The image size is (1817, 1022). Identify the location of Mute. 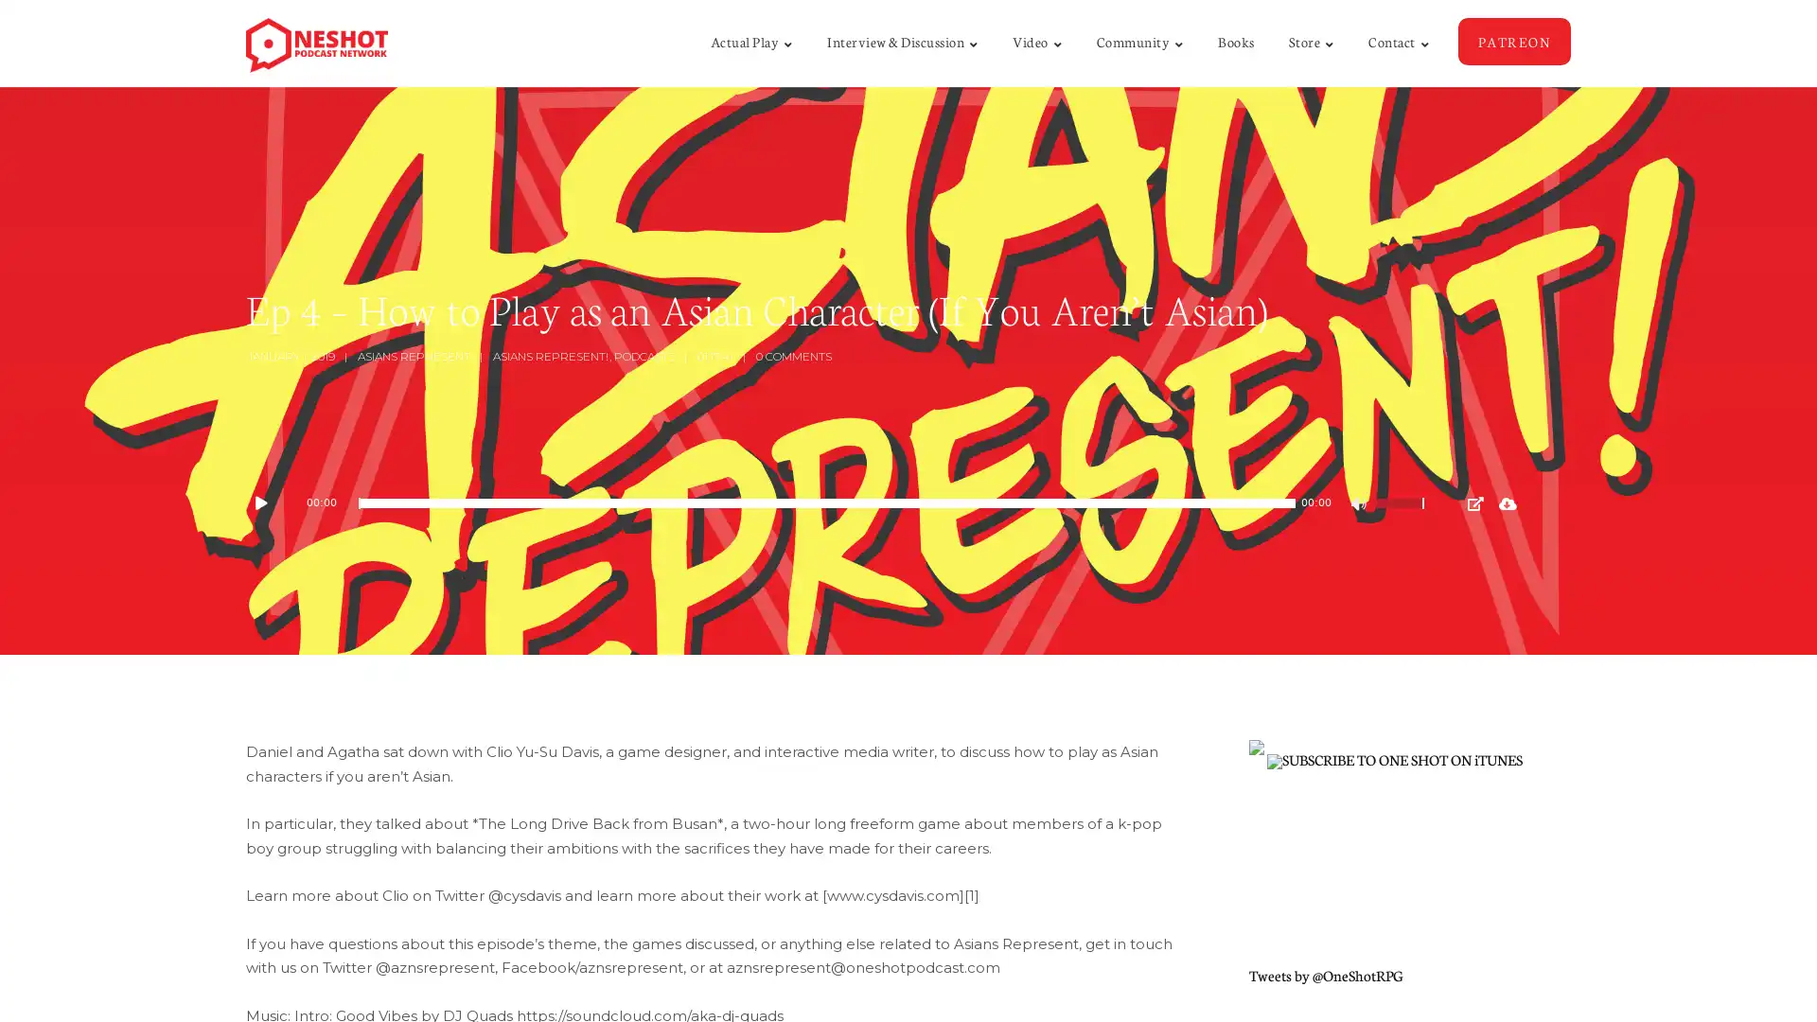
(1360, 505).